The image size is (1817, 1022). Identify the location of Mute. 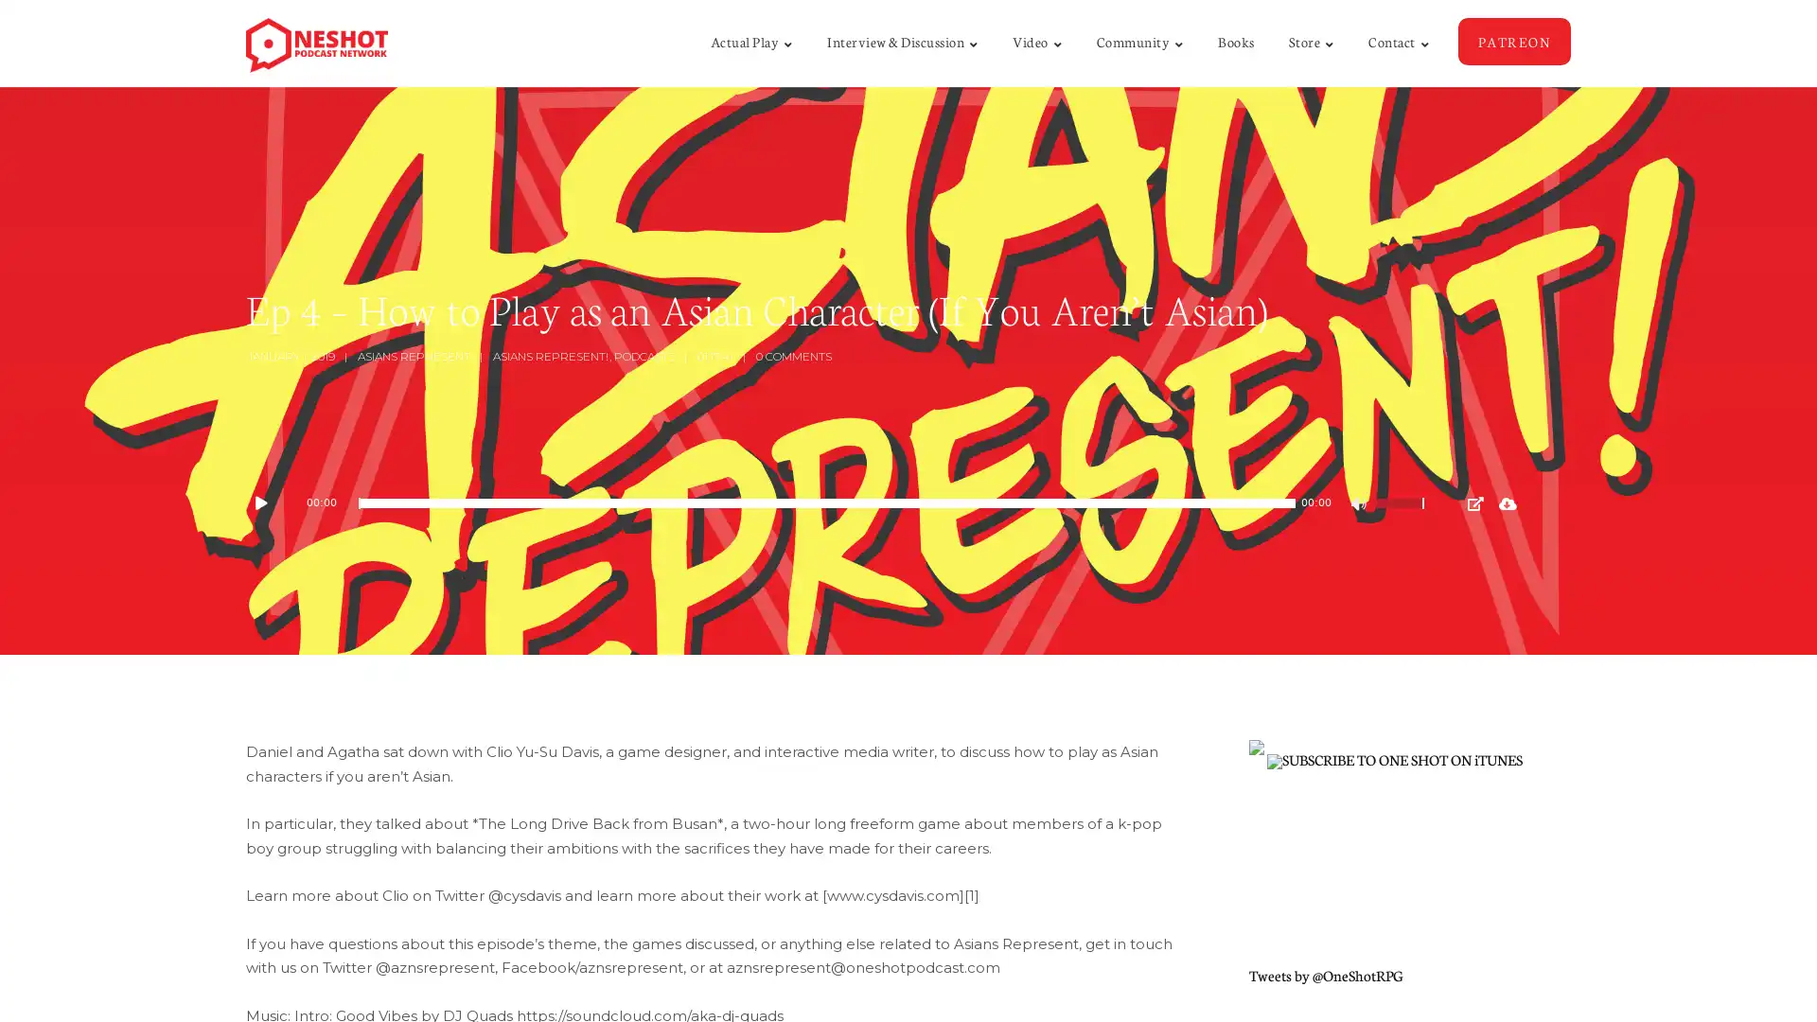
(1360, 505).